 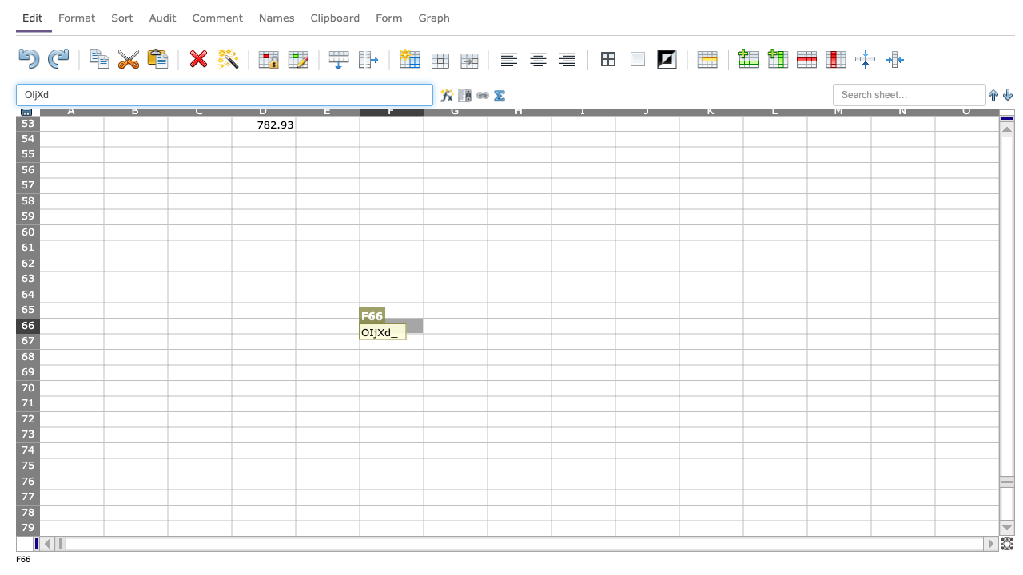 What do you see at coordinates (454, 528) in the screenshot?
I see `column G row 79` at bounding box center [454, 528].